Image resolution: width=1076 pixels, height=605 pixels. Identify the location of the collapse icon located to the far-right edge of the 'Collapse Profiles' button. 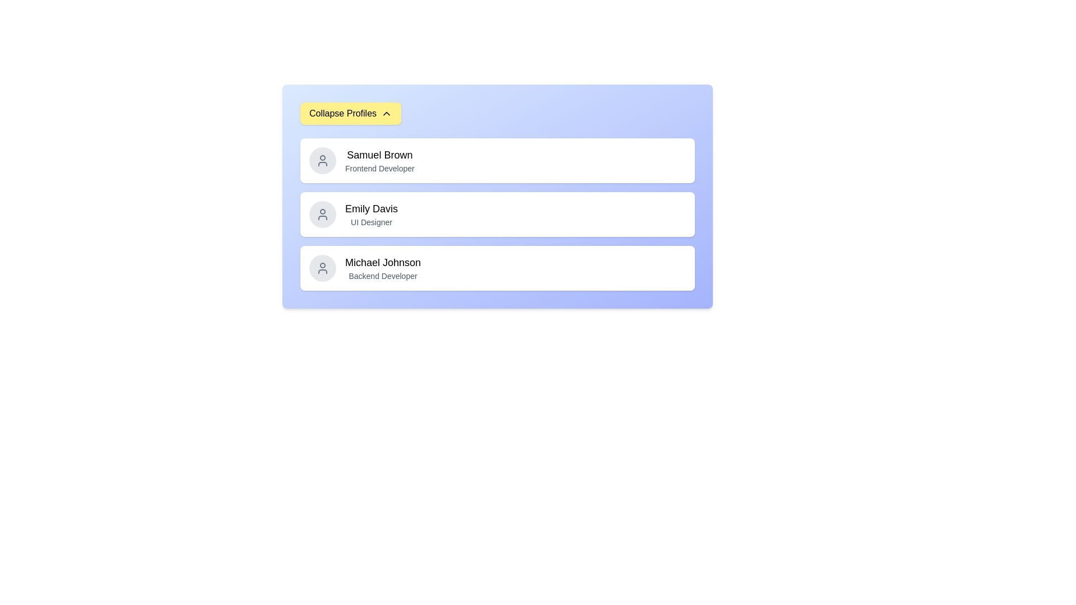
(387, 114).